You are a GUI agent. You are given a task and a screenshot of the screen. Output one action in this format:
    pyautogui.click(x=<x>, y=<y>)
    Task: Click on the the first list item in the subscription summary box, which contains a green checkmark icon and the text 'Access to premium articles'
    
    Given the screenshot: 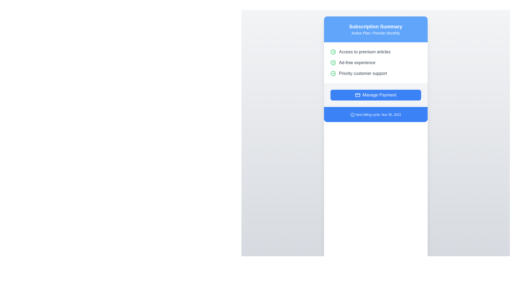 What is the action you would take?
    pyautogui.click(x=375, y=52)
    